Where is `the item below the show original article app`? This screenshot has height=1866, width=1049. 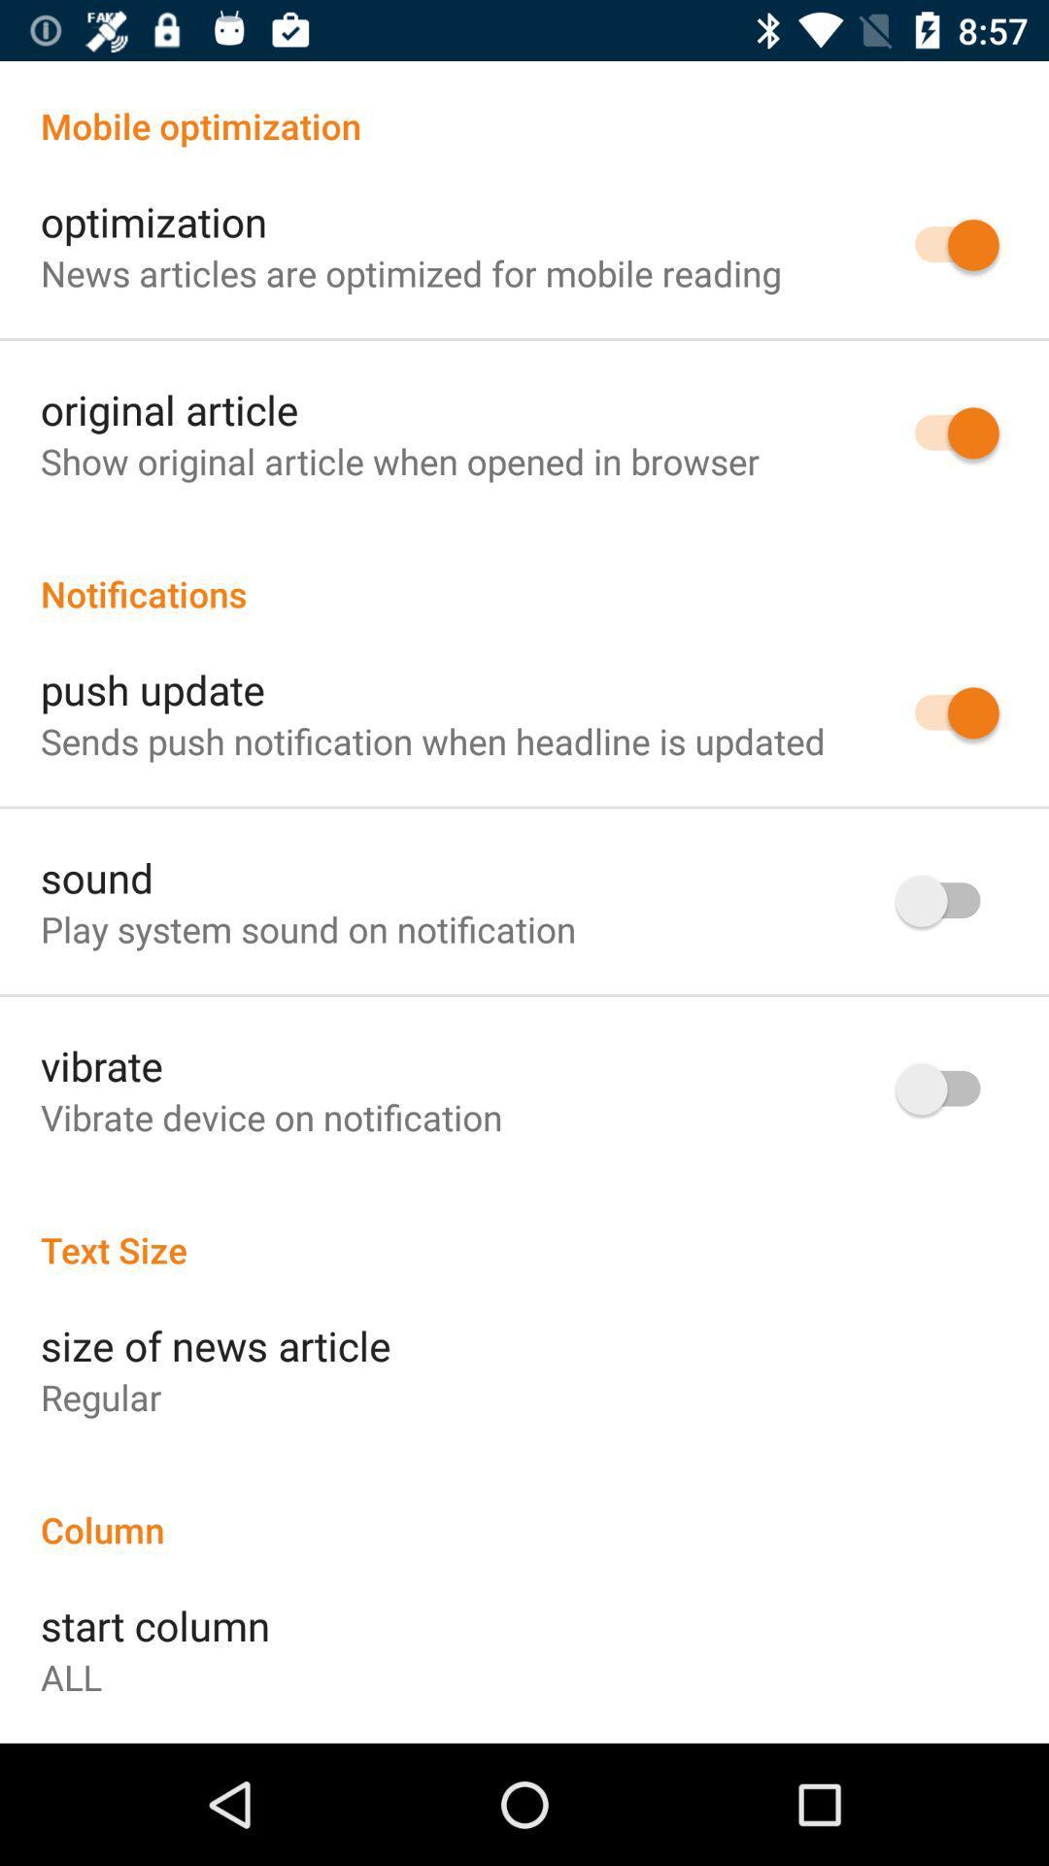 the item below the show original article app is located at coordinates (524, 572).